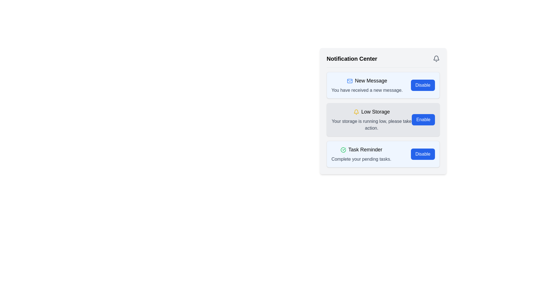  What do you see at coordinates (372, 112) in the screenshot?
I see `the textual label 'Low Storage', which is styled with medium font weight and a bell icon in yellow color, positioned below the 'New Message' notification` at bounding box center [372, 112].